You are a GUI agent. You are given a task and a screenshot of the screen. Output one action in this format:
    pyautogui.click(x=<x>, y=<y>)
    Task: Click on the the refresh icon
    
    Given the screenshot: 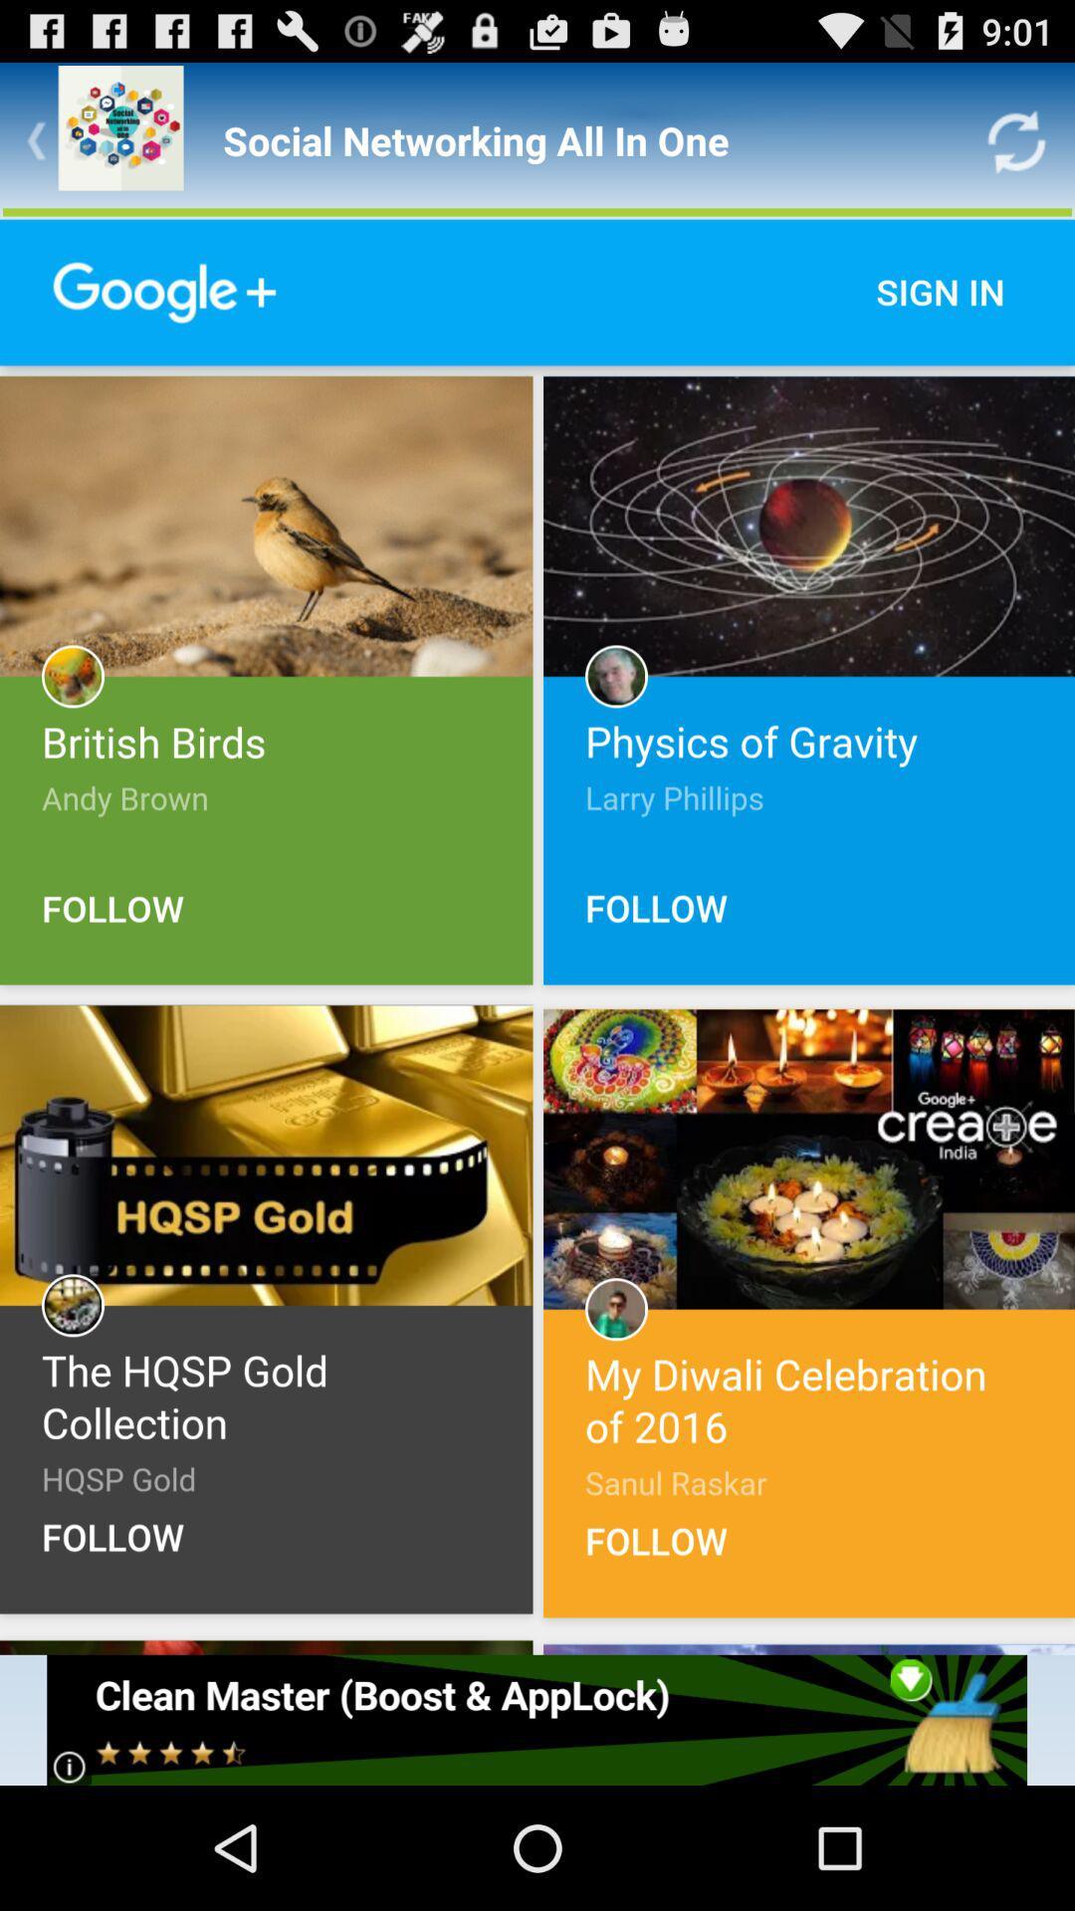 What is the action you would take?
    pyautogui.click(x=1016, y=149)
    